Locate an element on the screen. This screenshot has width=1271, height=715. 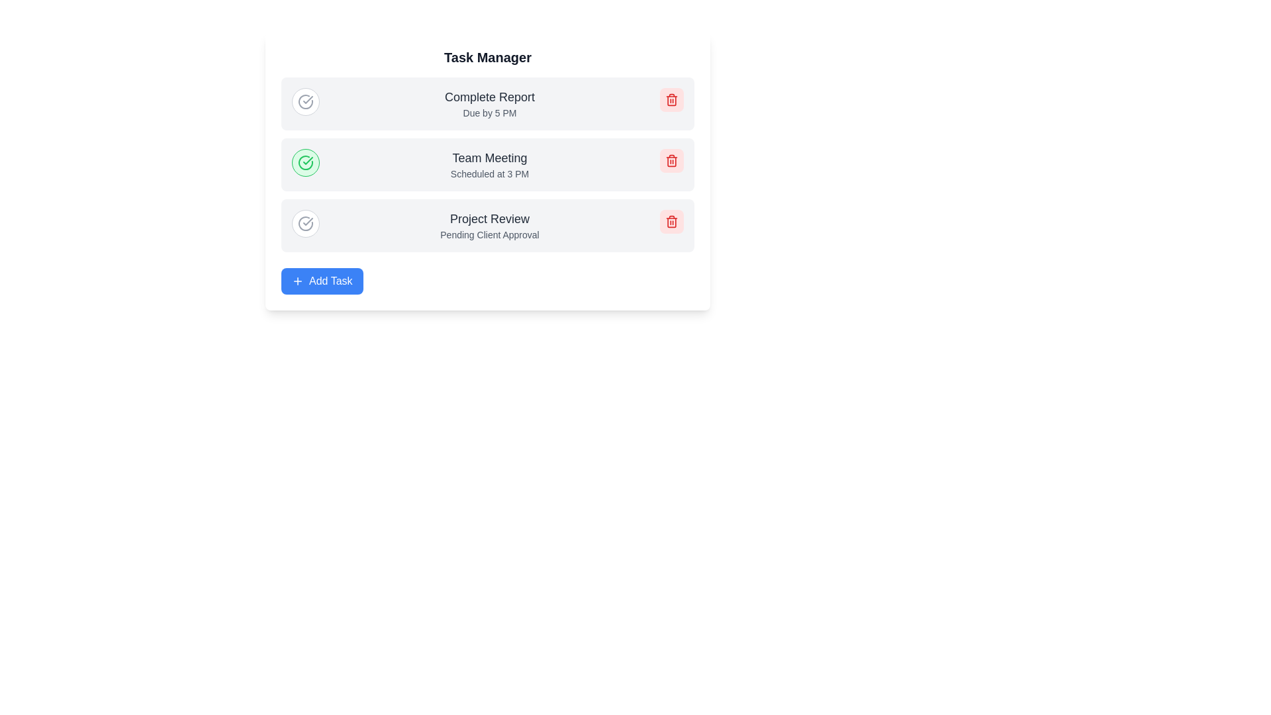
the text element that provides additional information about the 'Team Meeting' task, located beneath the 'Team Meeting' text within its task card is located at coordinates (489, 173).